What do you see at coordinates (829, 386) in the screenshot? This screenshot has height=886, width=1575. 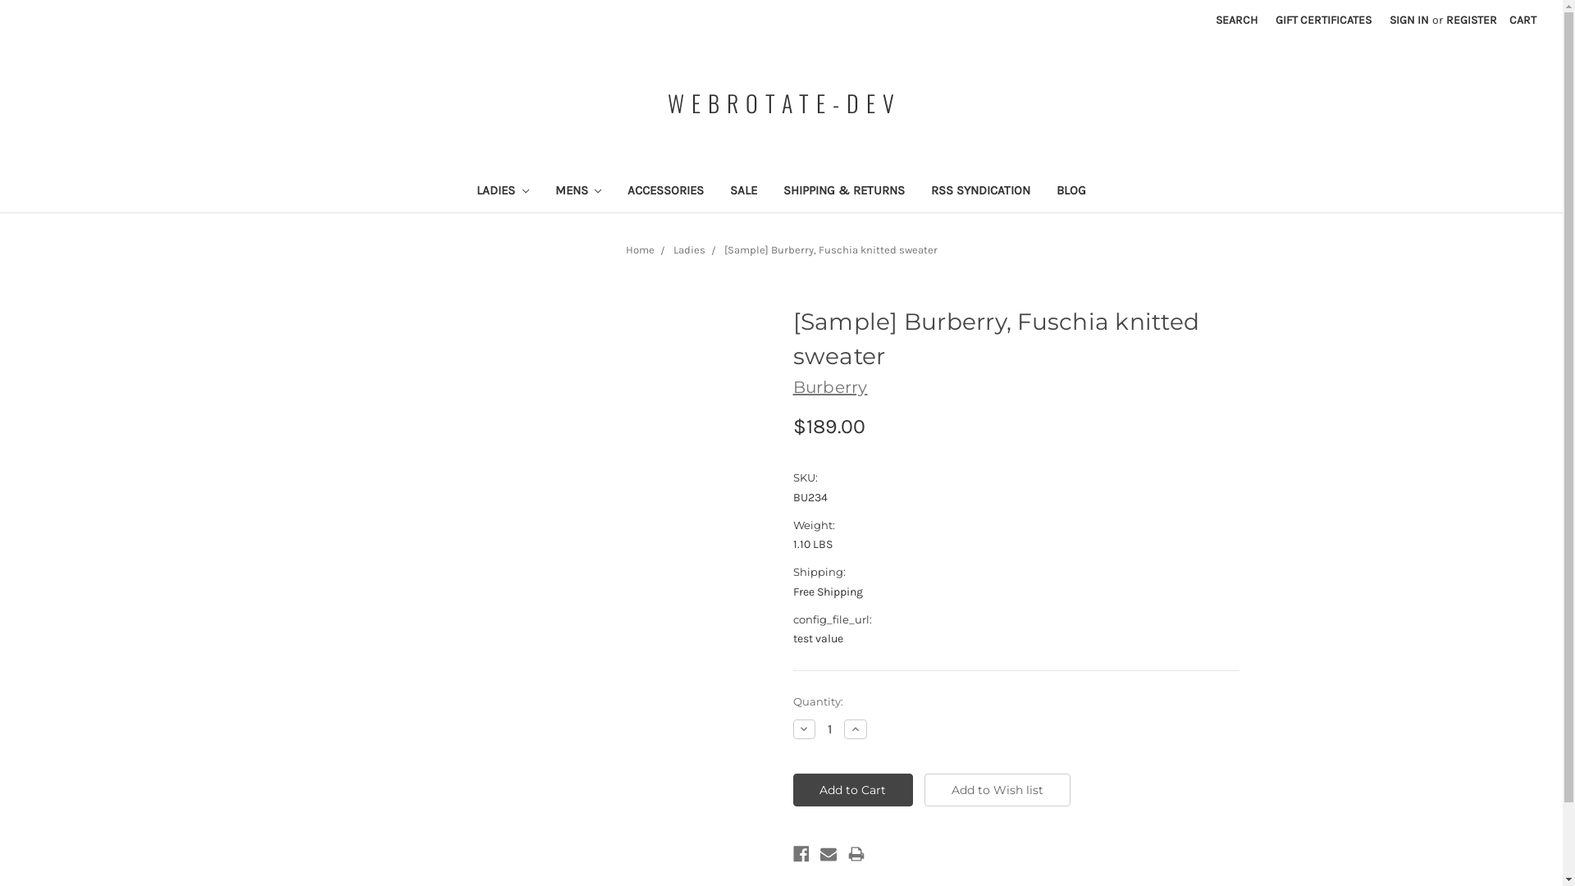 I see `'Burberry'` at bounding box center [829, 386].